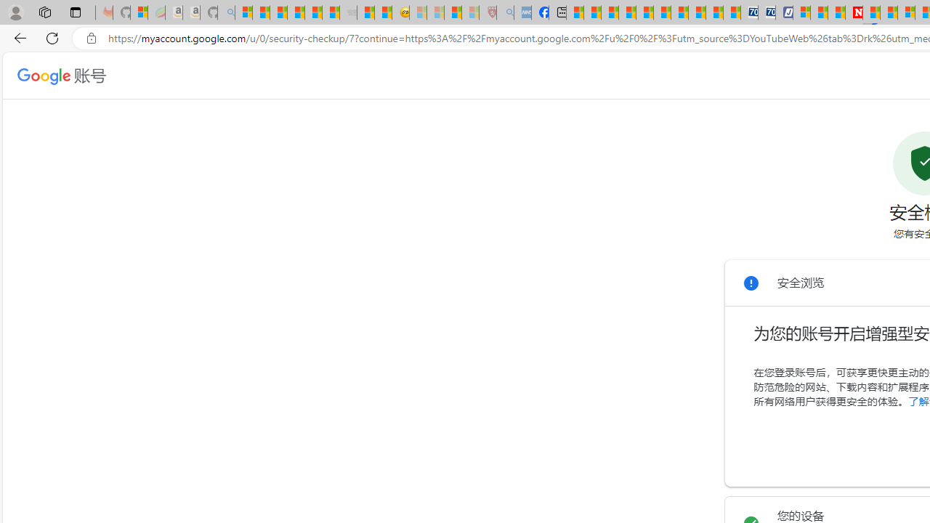 Image resolution: width=930 pixels, height=523 pixels. What do you see at coordinates (871, 12) in the screenshot?
I see `'Trusted Community Engagement and Contributions | Guidelines'` at bounding box center [871, 12].